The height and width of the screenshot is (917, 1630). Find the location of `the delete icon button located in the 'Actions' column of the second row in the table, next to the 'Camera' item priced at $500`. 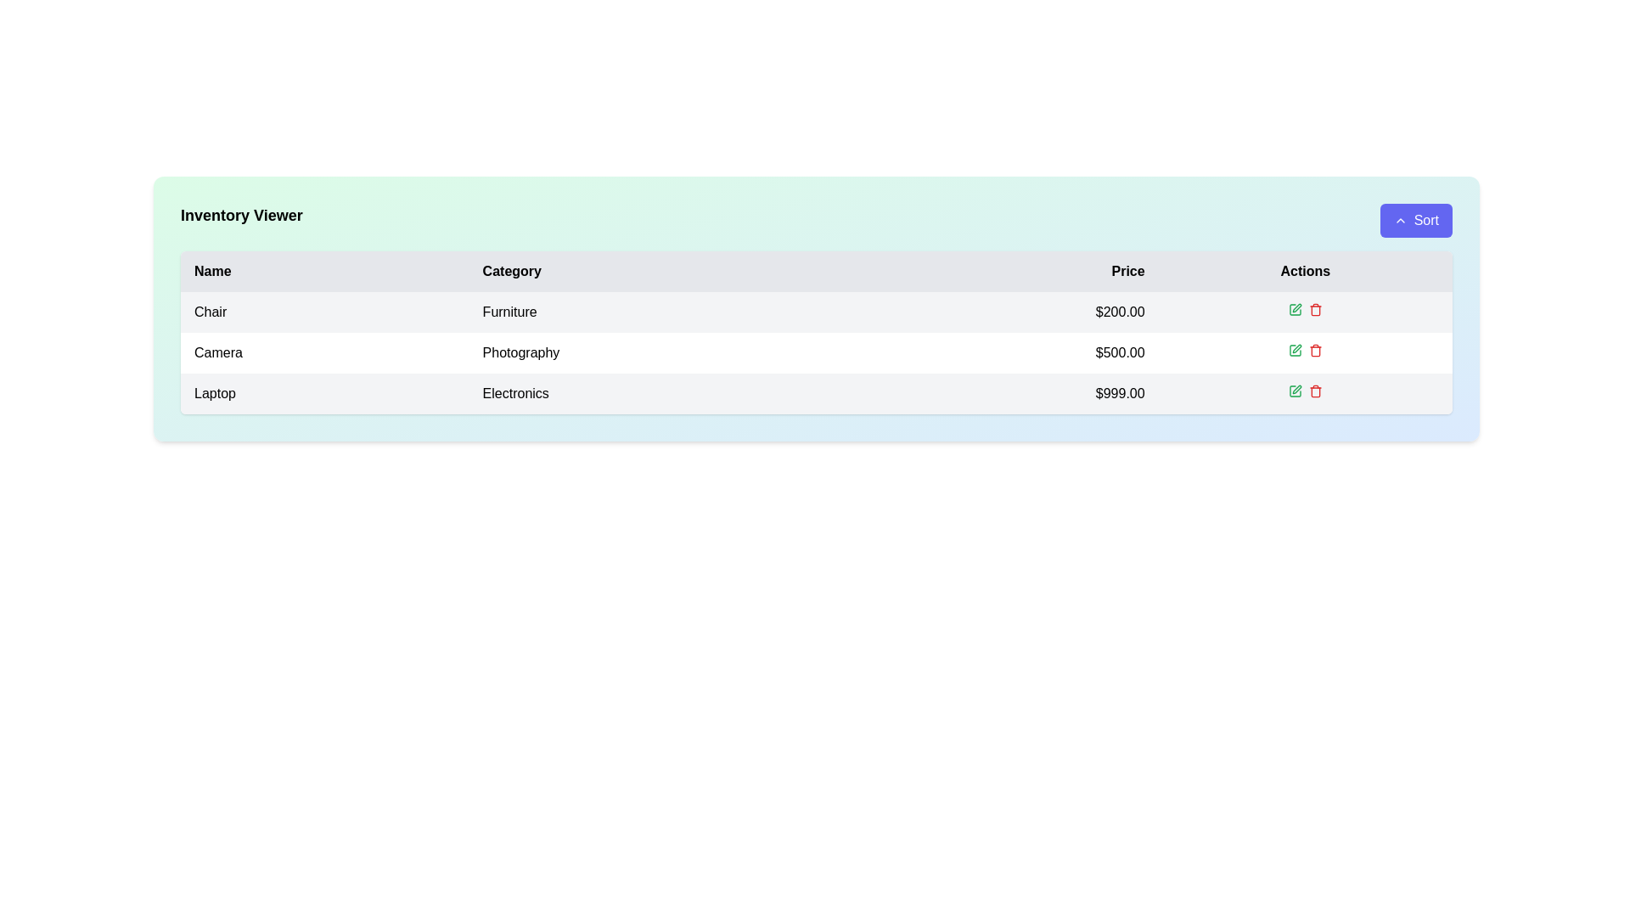

the delete icon button located in the 'Actions' column of the second row in the table, next to the 'Camera' item priced at $500 is located at coordinates (1314, 349).